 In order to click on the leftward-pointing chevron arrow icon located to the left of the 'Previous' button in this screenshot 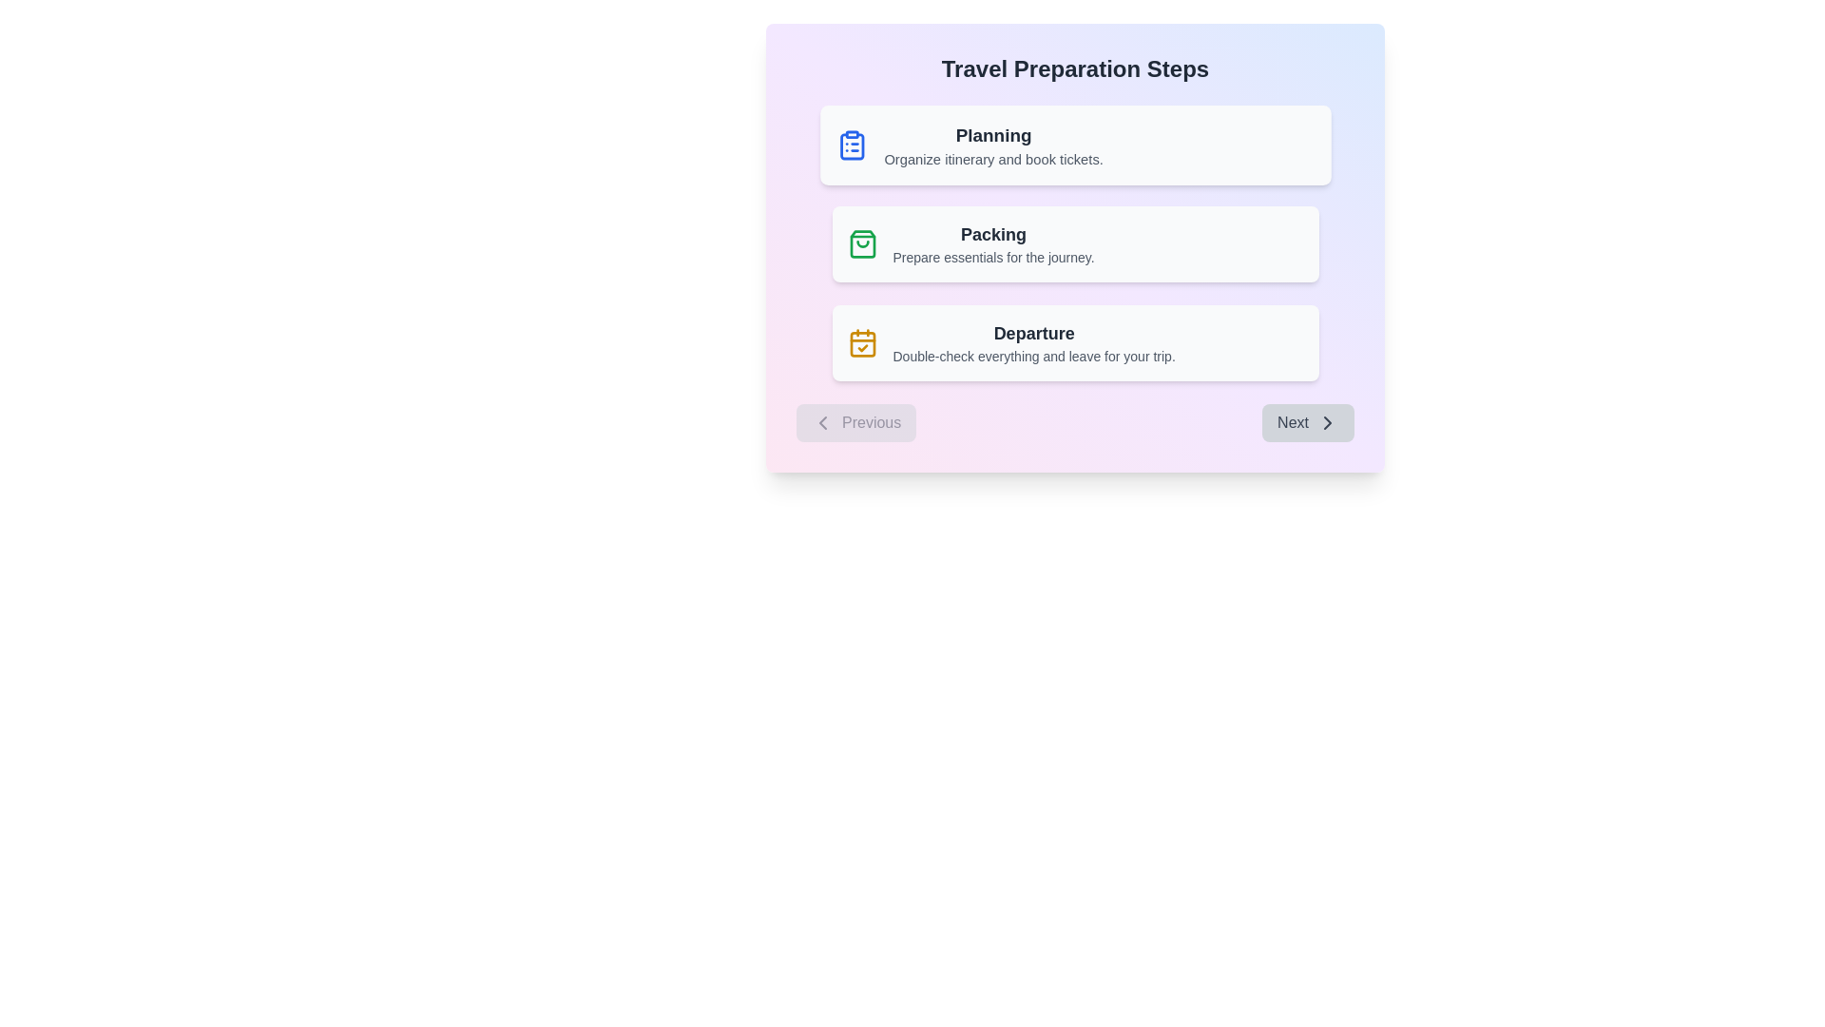, I will do `click(822, 421)`.